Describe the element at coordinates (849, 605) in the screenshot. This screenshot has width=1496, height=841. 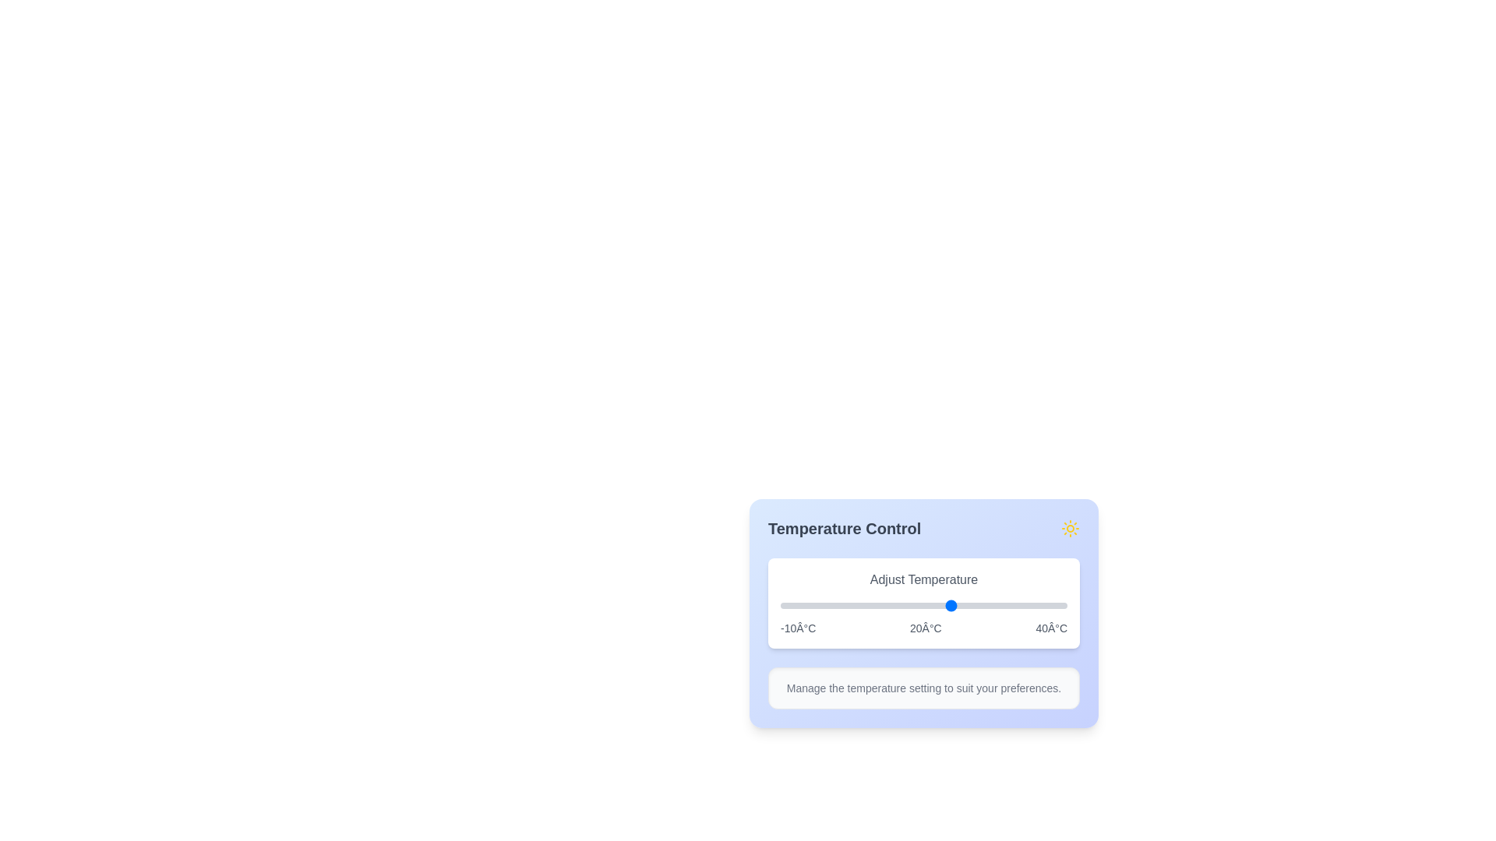
I see `the slider to set the temperature to 2°C` at that location.